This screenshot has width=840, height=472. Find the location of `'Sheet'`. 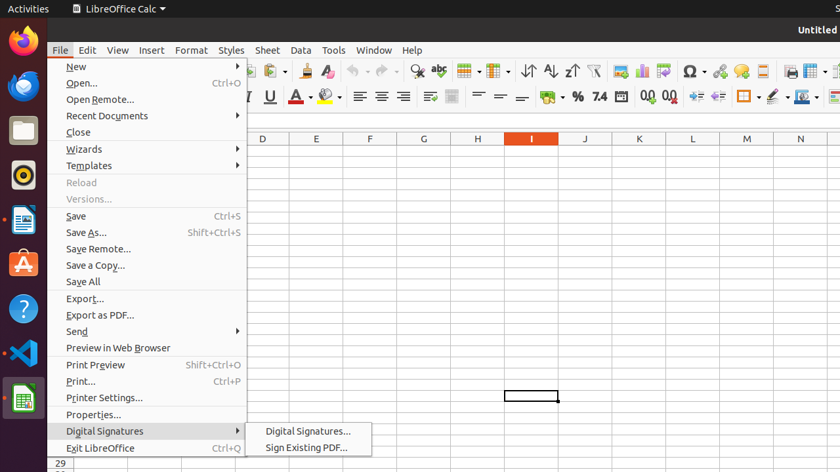

'Sheet' is located at coordinates (266, 49).